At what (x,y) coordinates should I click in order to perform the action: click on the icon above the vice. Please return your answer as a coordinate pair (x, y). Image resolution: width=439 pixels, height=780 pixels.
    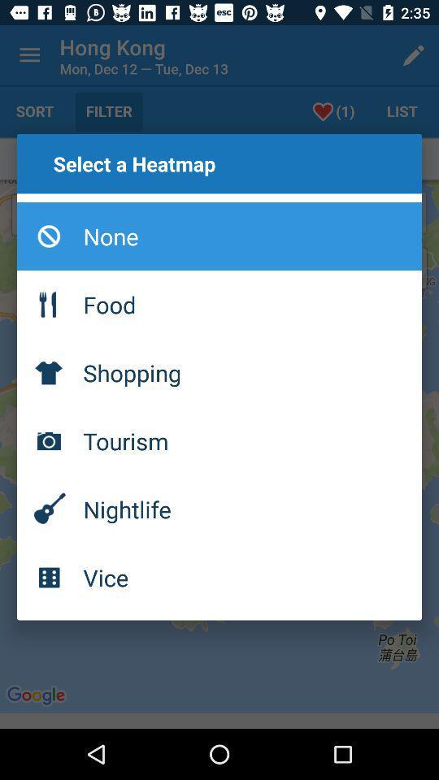
    Looking at the image, I should click on (219, 508).